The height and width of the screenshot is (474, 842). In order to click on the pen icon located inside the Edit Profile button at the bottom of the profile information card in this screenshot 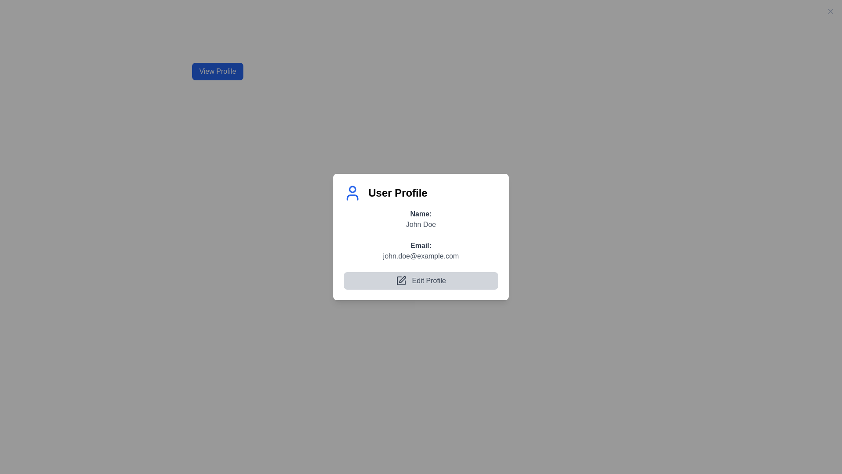, I will do `click(402, 280)`.